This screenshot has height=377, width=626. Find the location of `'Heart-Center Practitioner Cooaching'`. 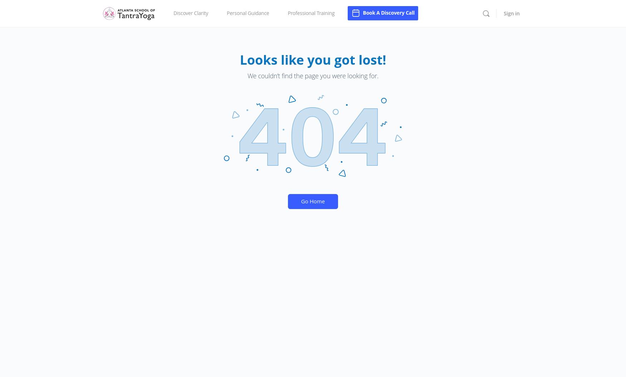

'Heart-Center Practitioner Cooaching' is located at coordinates (329, 43).